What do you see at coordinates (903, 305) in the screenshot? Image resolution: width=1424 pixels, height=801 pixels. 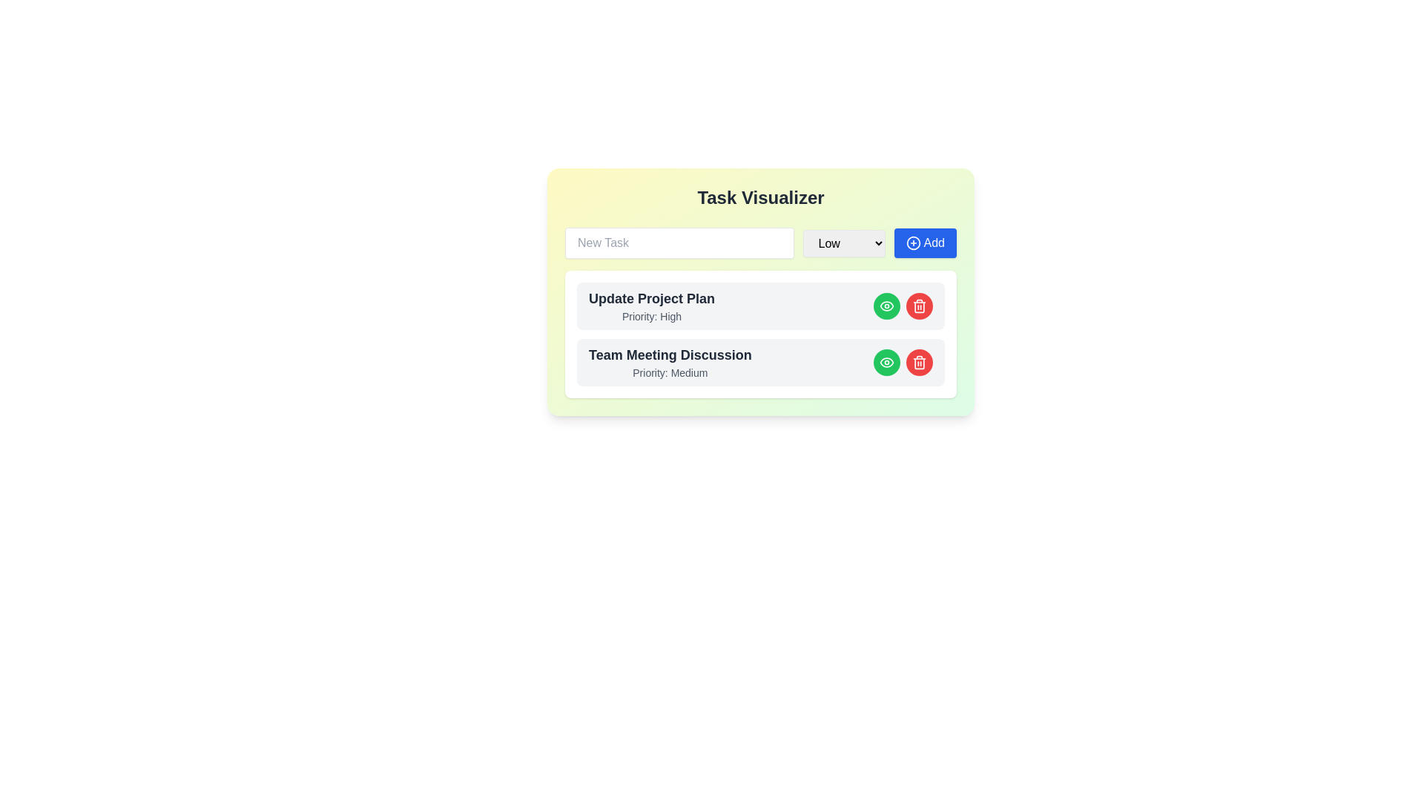 I see `the green action button containing an eye icon located in the group of action buttons at the rightmost side of the task row labeled 'Update Project Plan - Priority: High.'` at bounding box center [903, 305].